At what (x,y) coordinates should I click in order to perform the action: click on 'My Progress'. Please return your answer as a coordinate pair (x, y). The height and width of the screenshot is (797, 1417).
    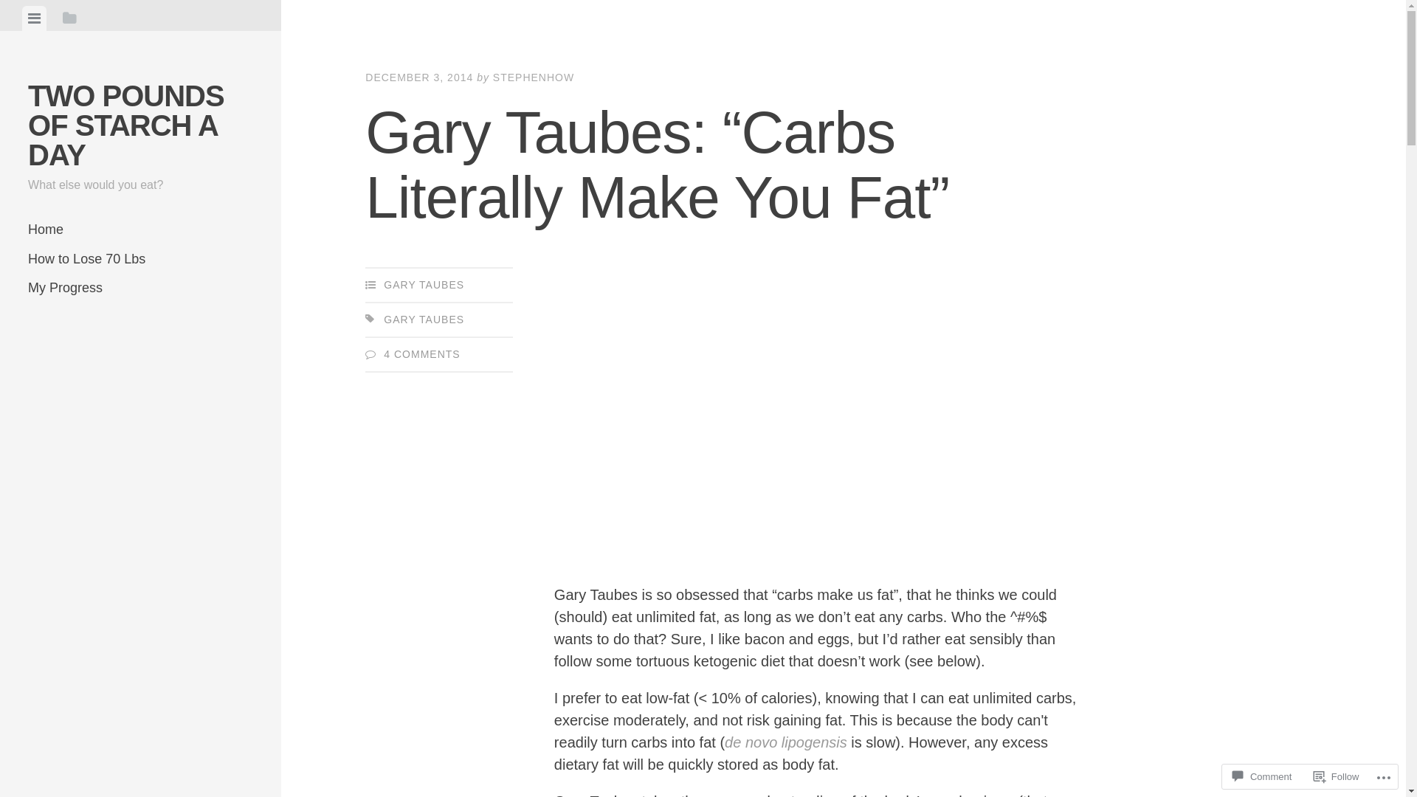
    Looking at the image, I should click on (140, 288).